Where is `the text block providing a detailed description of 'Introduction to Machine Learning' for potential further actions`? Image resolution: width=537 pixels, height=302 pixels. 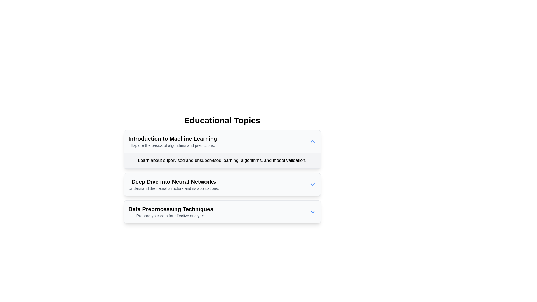 the text block providing a detailed description of 'Introduction to Machine Learning' for potential further actions is located at coordinates (222, 161).